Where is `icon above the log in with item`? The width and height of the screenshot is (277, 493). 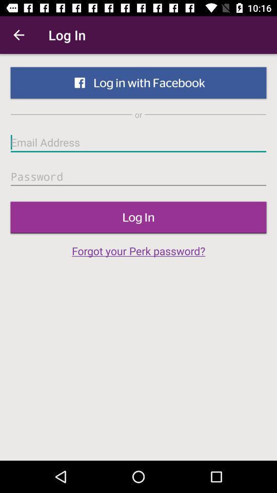 icon above the log in with item is located at coordinates (18, 35).